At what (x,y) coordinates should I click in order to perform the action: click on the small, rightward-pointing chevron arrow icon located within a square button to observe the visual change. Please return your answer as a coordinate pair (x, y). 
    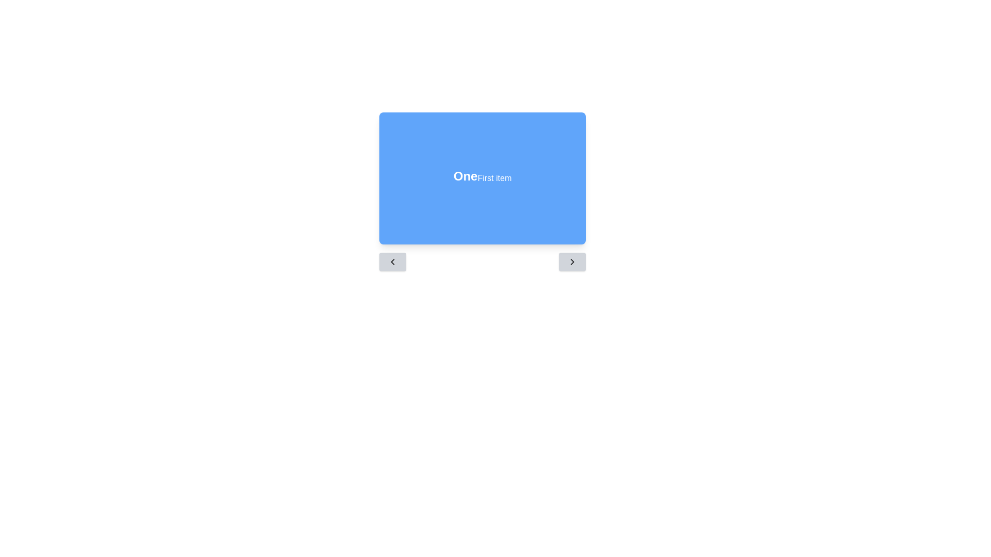
    Looking at the image, I should click on (571, 261).